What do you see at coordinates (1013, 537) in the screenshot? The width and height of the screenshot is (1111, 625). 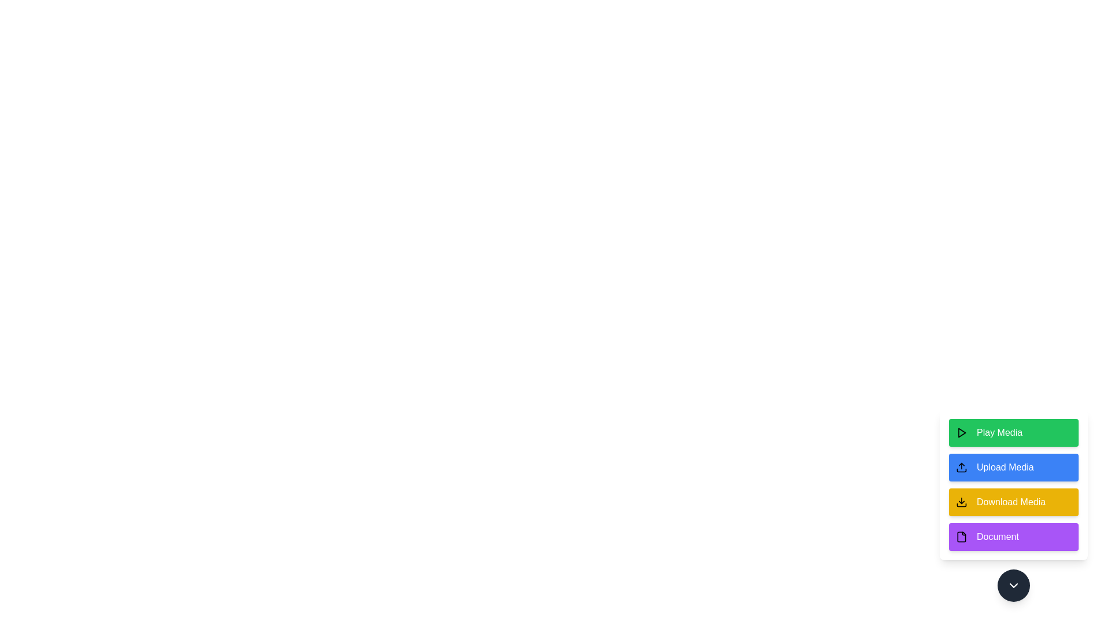 I see `the 'Document' button in the MediaOptionsPanel` at bounding box center [1013, 537].